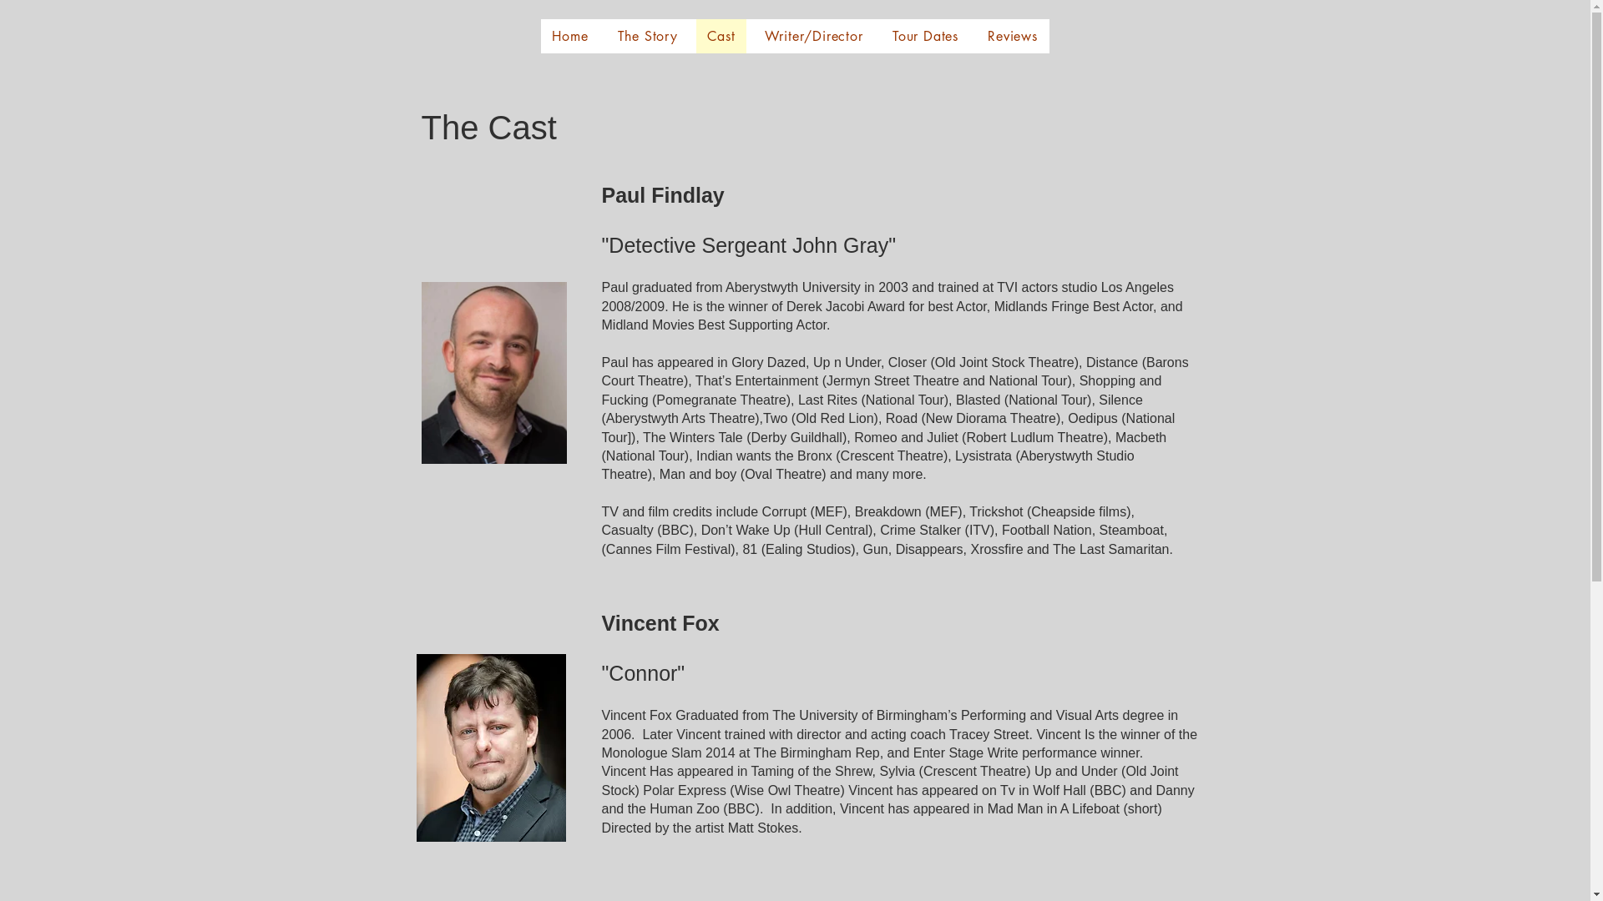 The width and height of the screenshot is (1603, 901). What do you see at coordinates (752, 36) in the screenshot?
I see `'Writer/Director'` at bounding box center [752, 36].